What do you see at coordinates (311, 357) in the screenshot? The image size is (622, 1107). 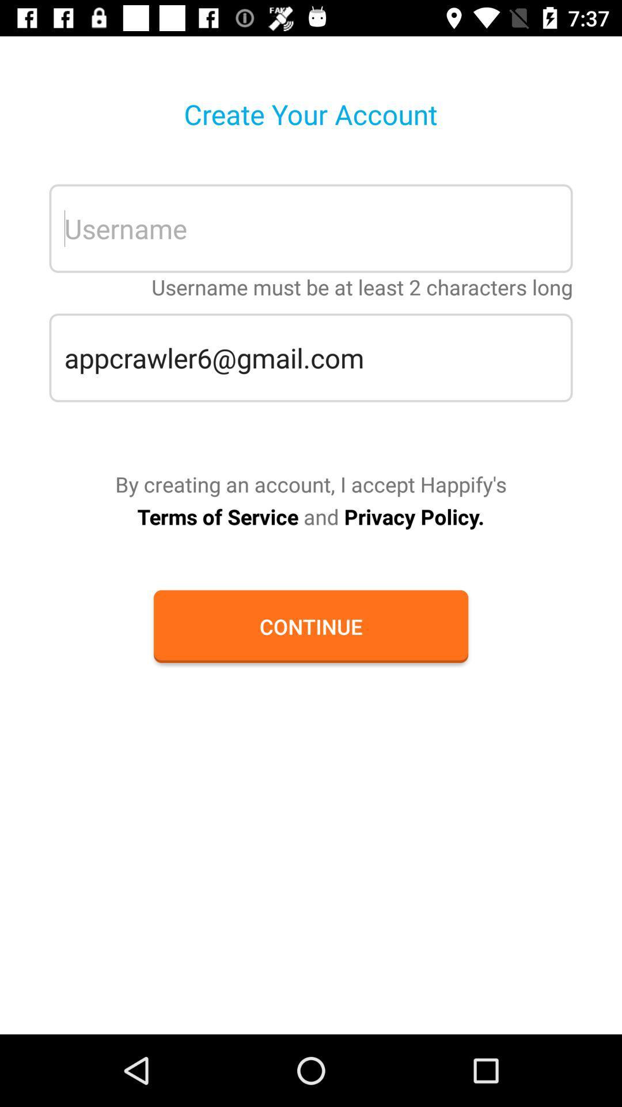 I see `the appcrawler6@gmail.com icon` at bounding box center [311, 357].